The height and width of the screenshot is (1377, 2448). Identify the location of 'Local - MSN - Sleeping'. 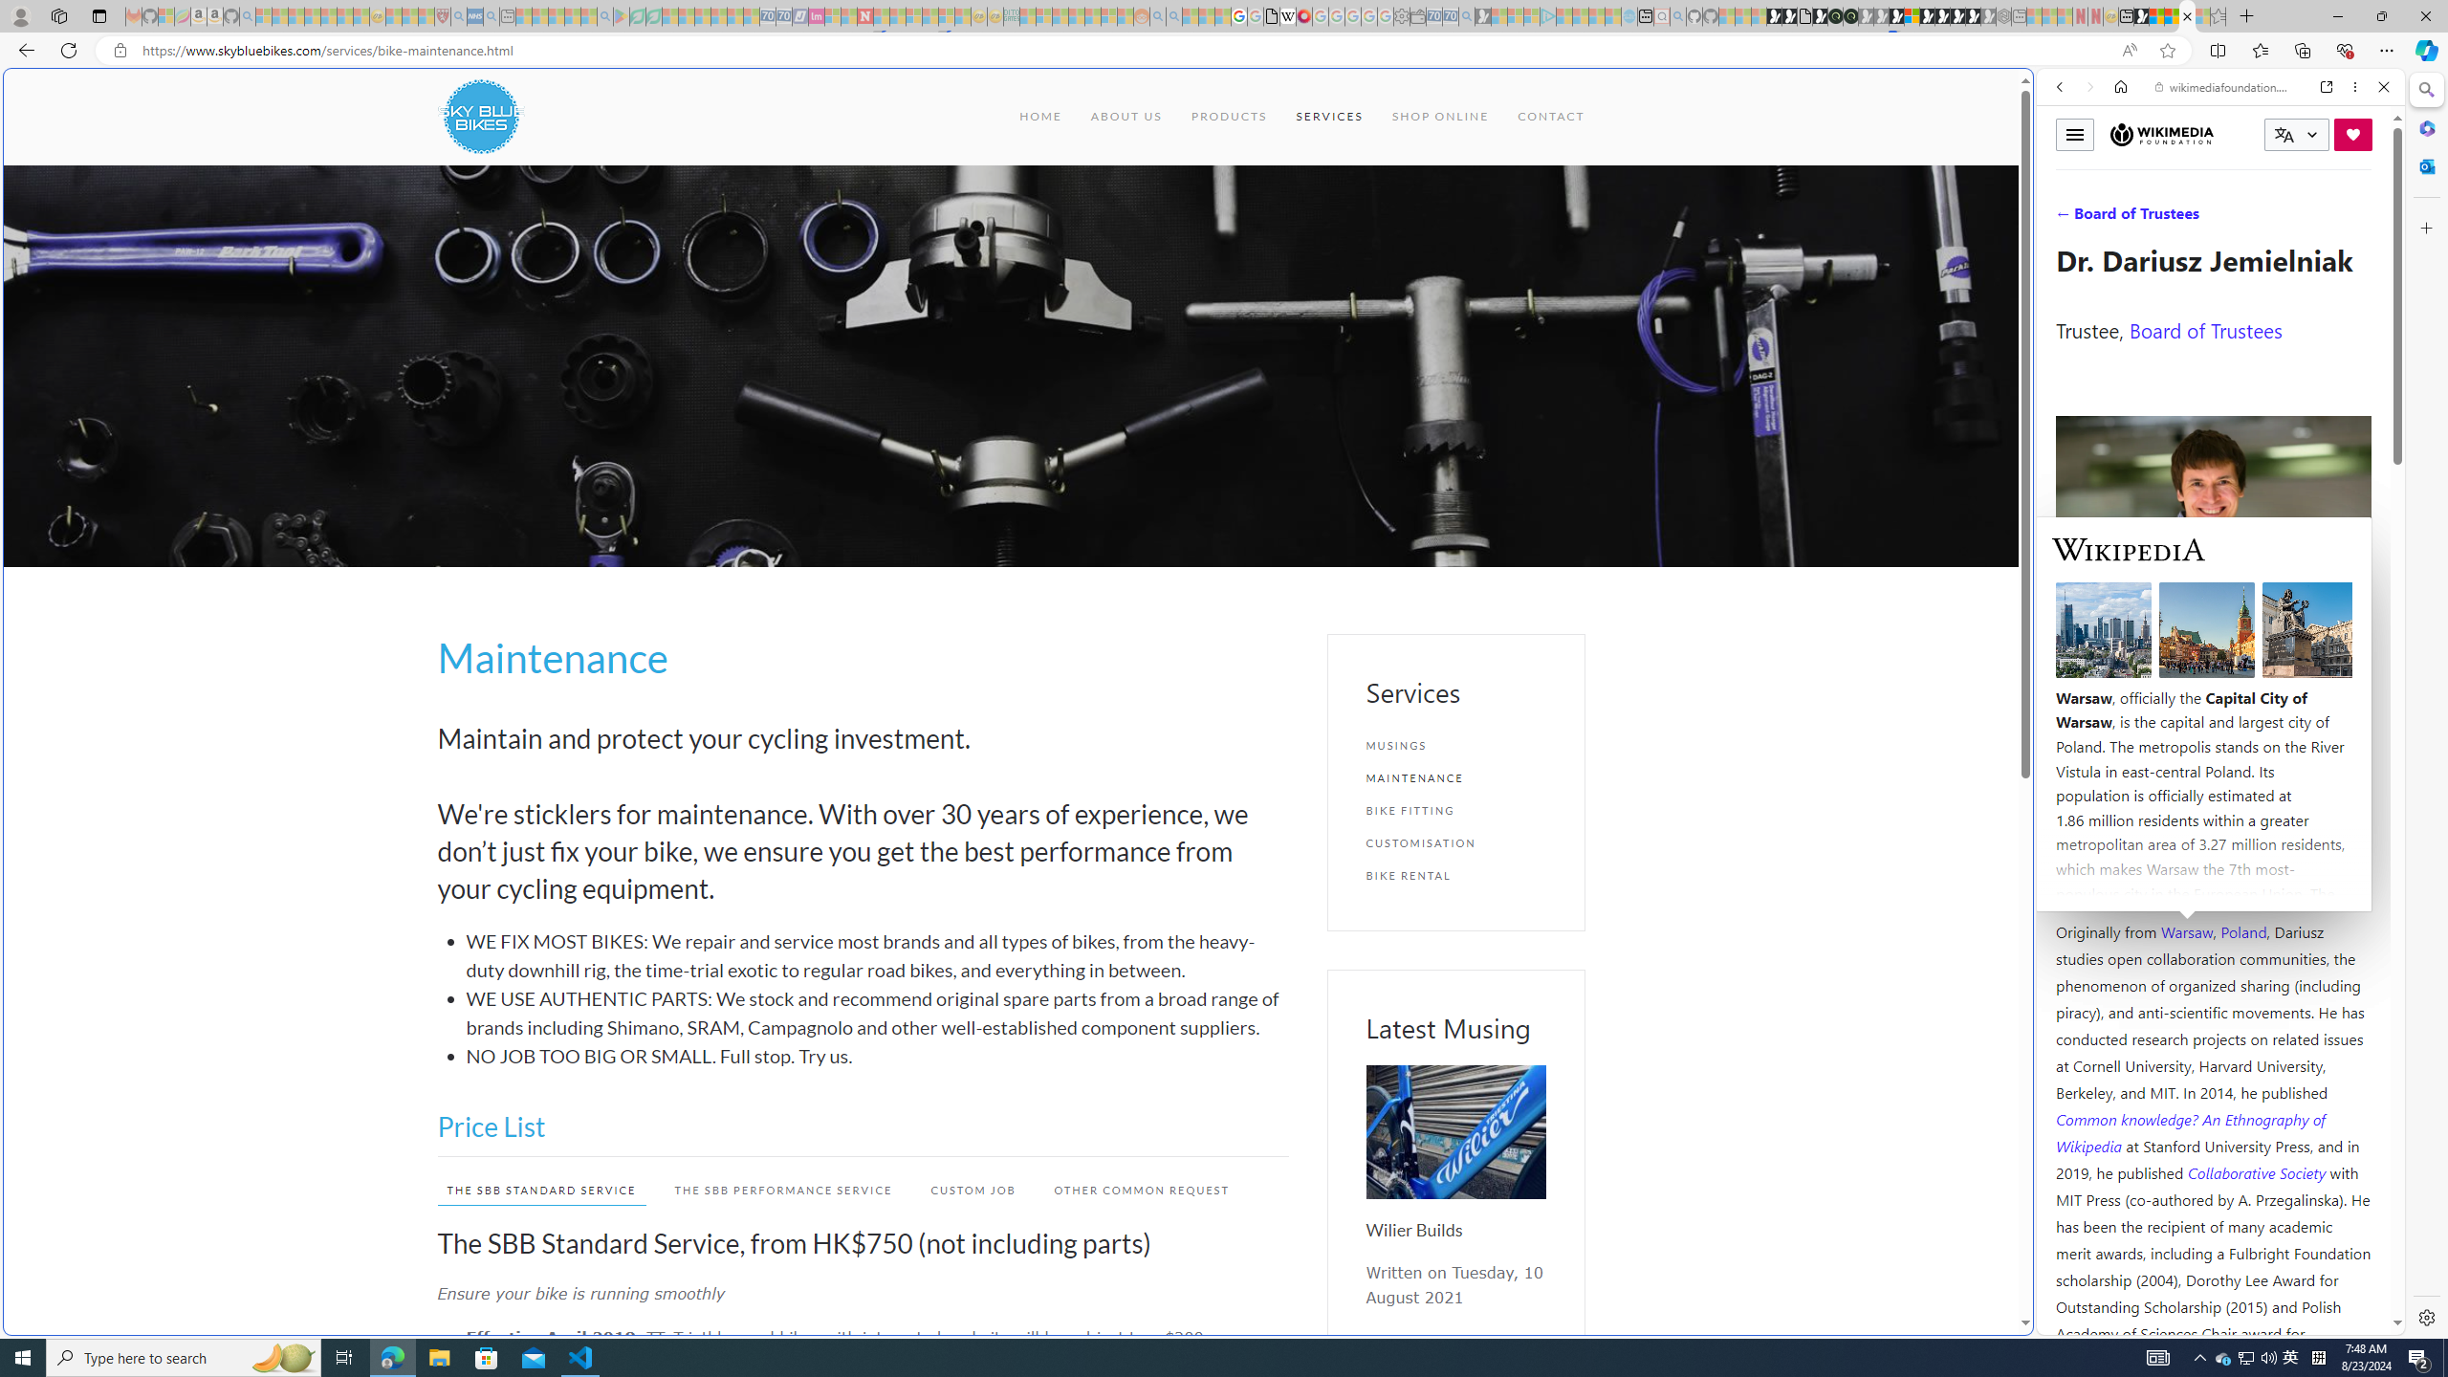
(426, 15).